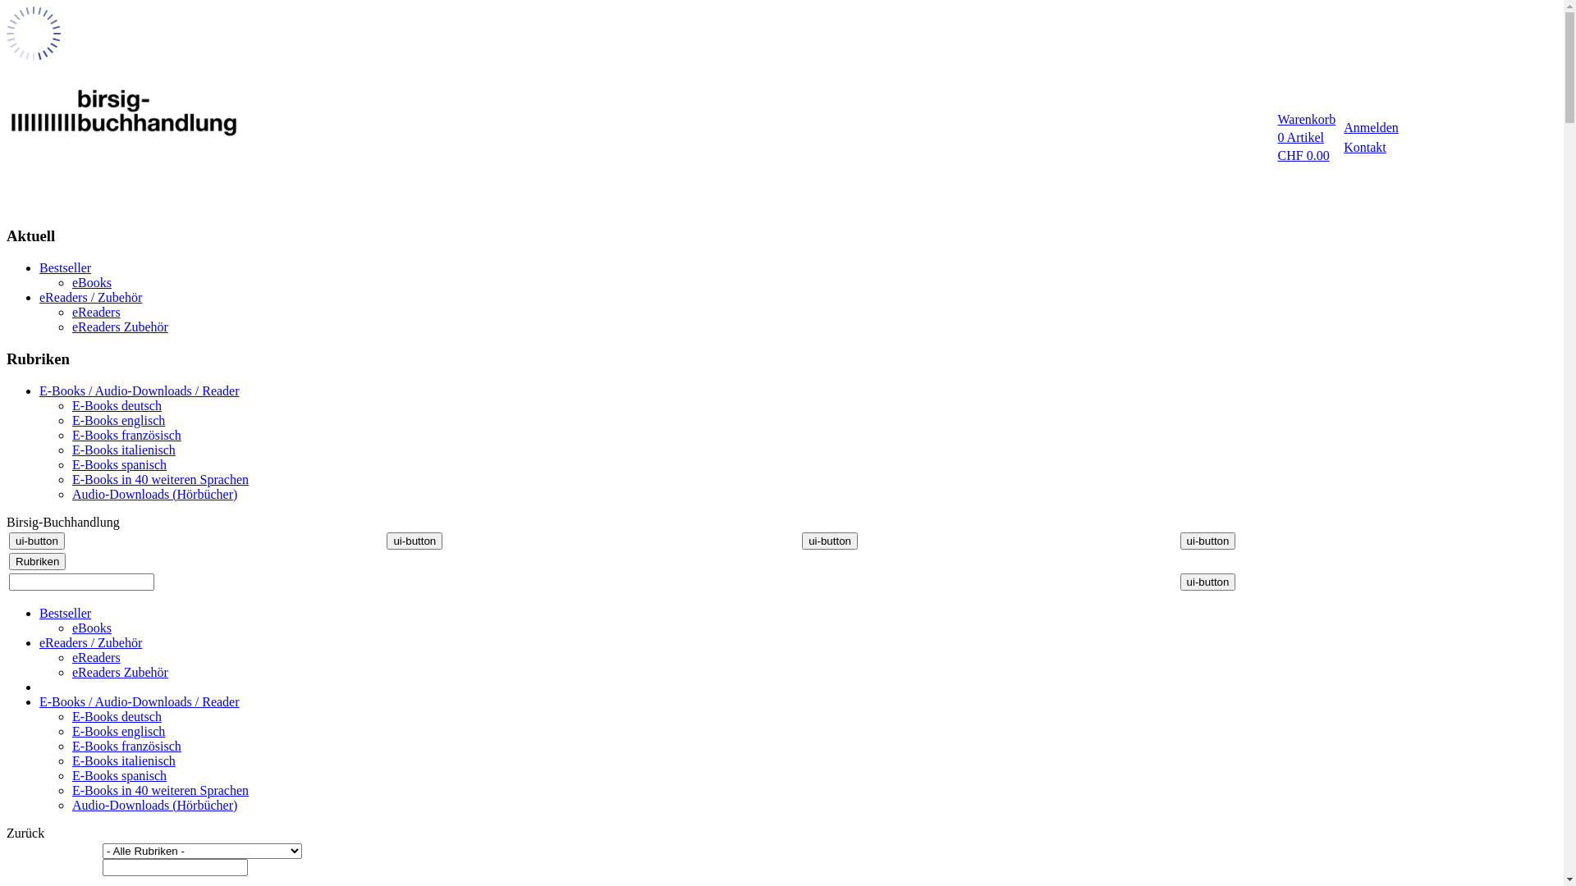  I want to click on 'ui-button', so click(1208, 581).